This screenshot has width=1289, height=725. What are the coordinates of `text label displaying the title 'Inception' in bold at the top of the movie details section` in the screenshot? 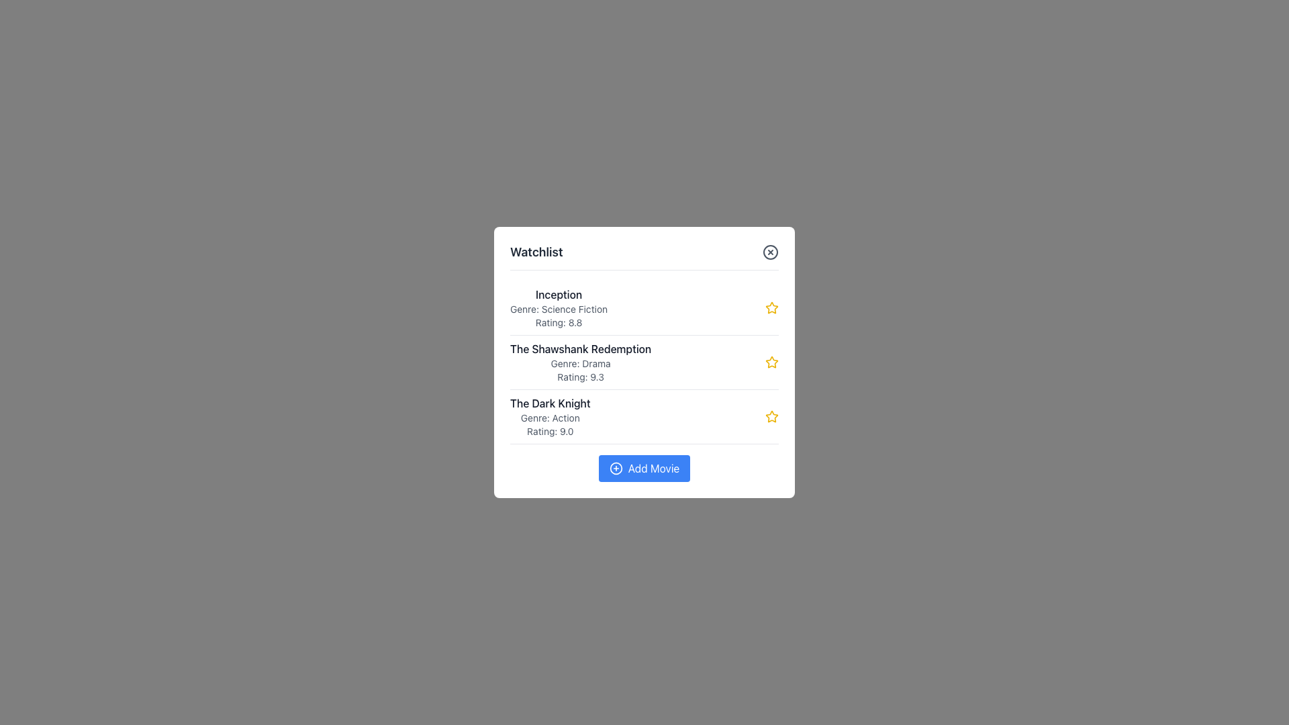 It's located at (559, 294).